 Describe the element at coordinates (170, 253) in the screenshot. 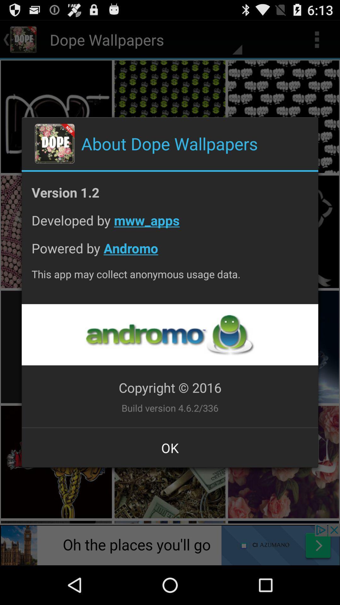

I see `the app below developed by mww_apps icon` at that location.